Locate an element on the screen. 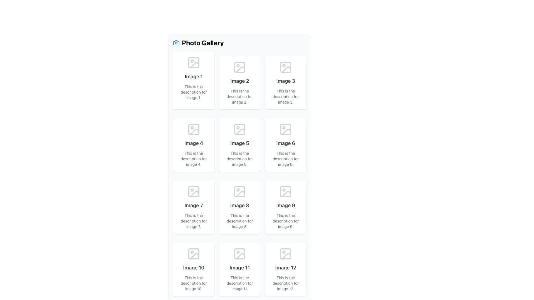 The height and width of the screenshot is (300, 534). the static icon for 'Image 4' located in the first column and second row of the photo gallery grid is located at coordinates (194, 129).